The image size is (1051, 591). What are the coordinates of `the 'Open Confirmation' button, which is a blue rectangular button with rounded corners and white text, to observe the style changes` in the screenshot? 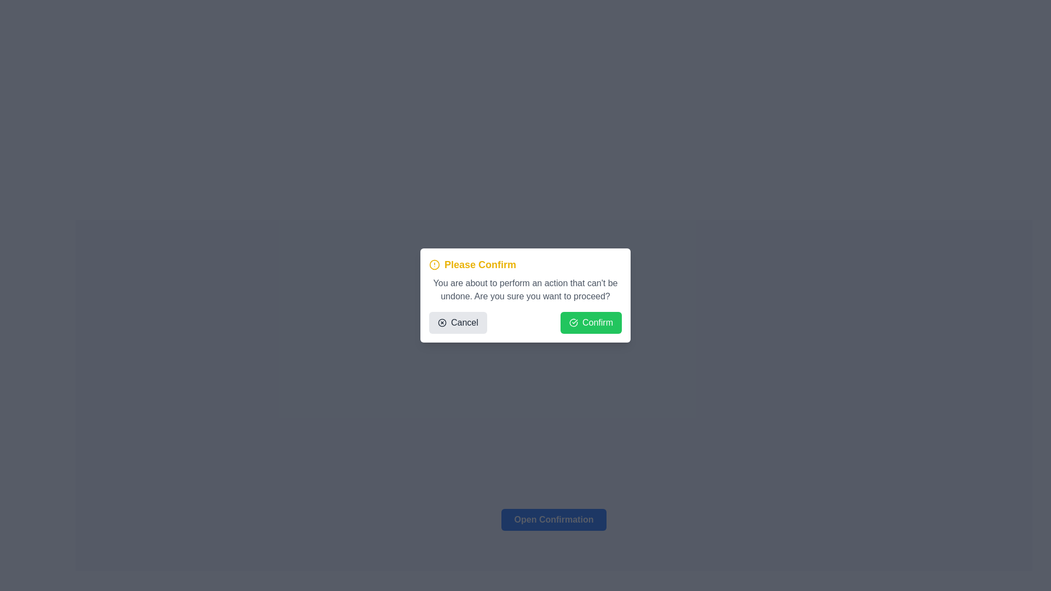 It's located at (554, 519).